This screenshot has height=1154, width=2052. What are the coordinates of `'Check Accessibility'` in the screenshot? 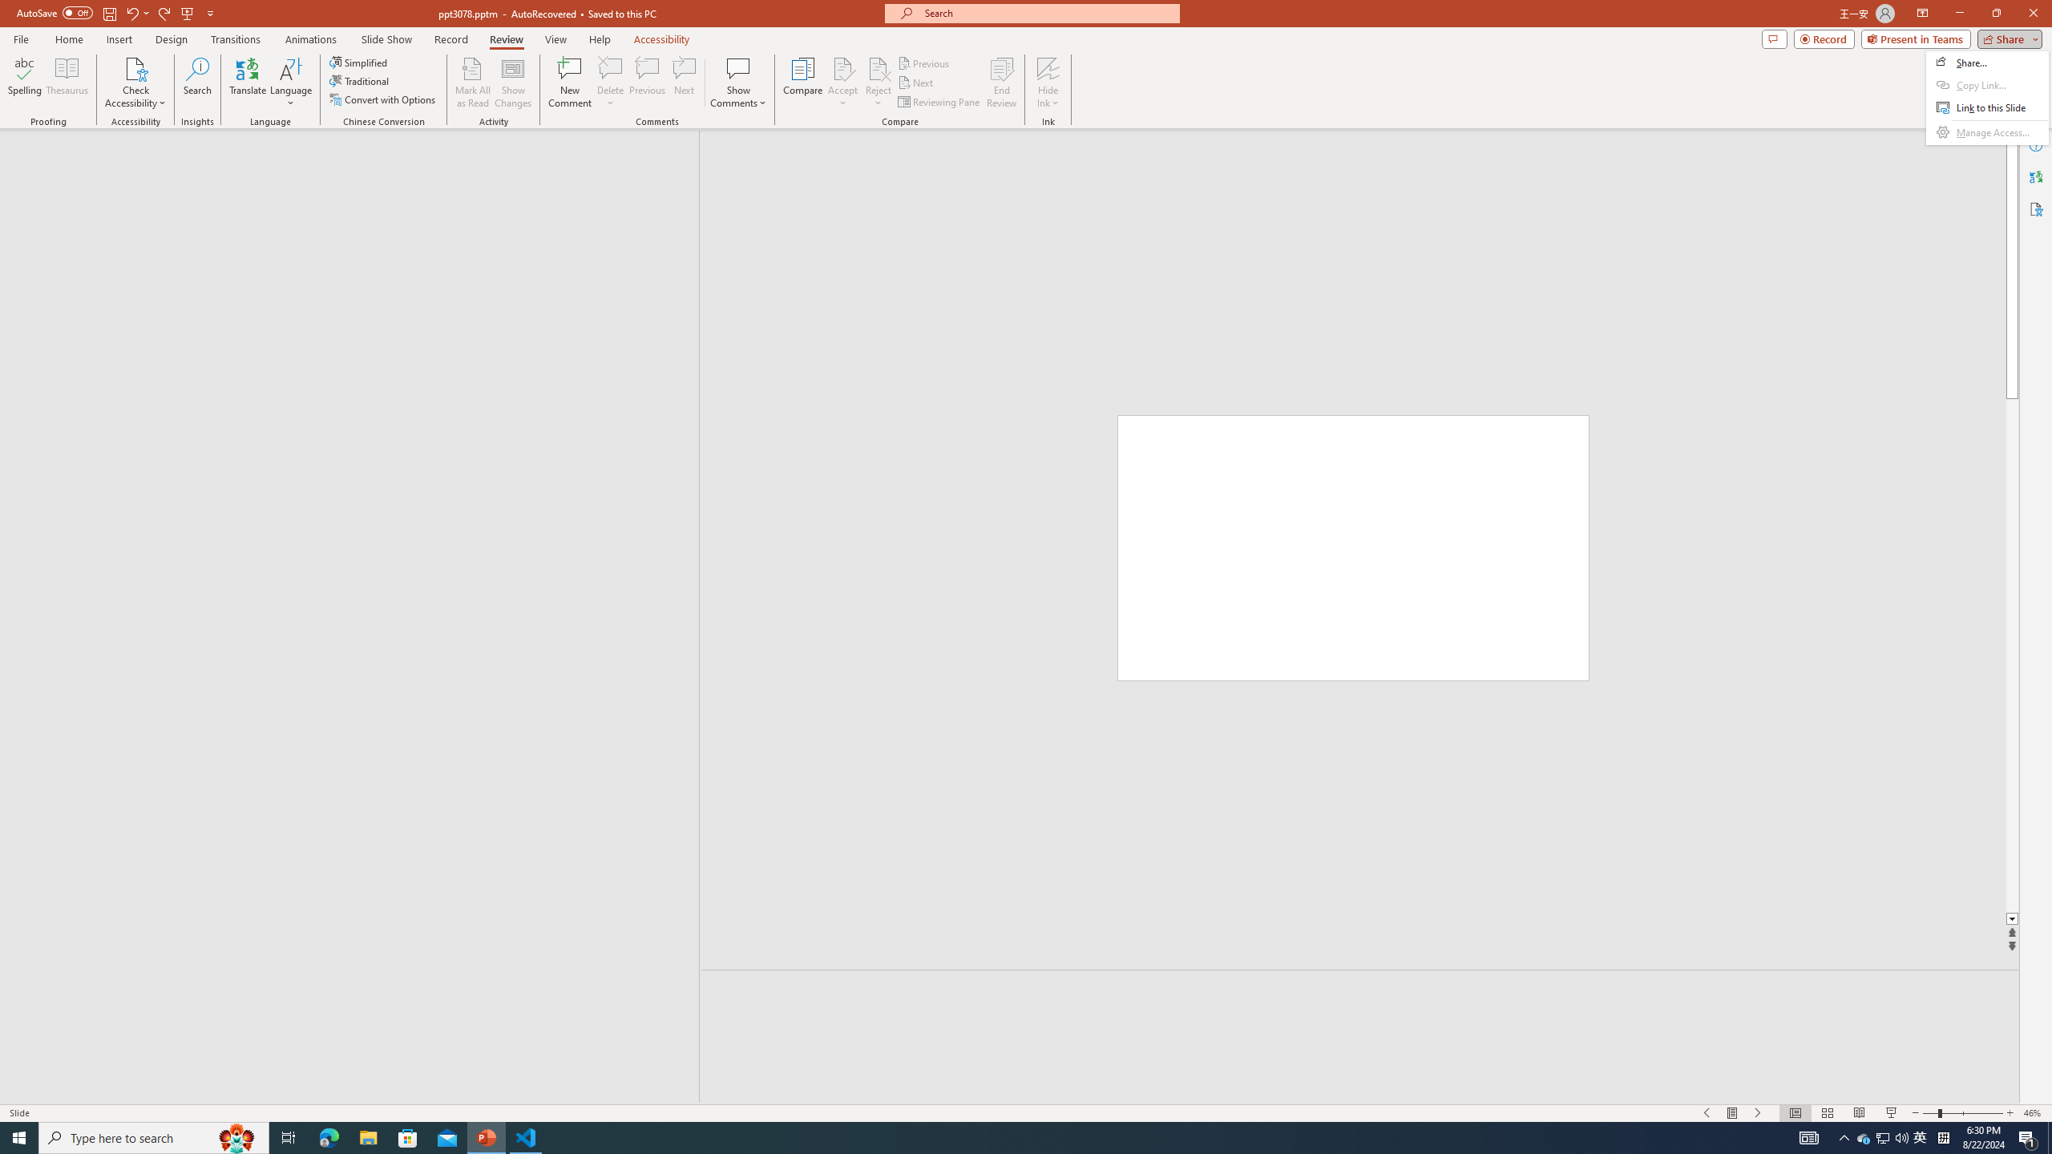 It's located at (134, 83).